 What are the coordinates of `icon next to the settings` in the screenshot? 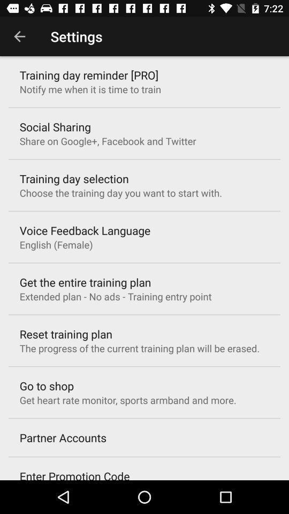 It's located at (19, 36).